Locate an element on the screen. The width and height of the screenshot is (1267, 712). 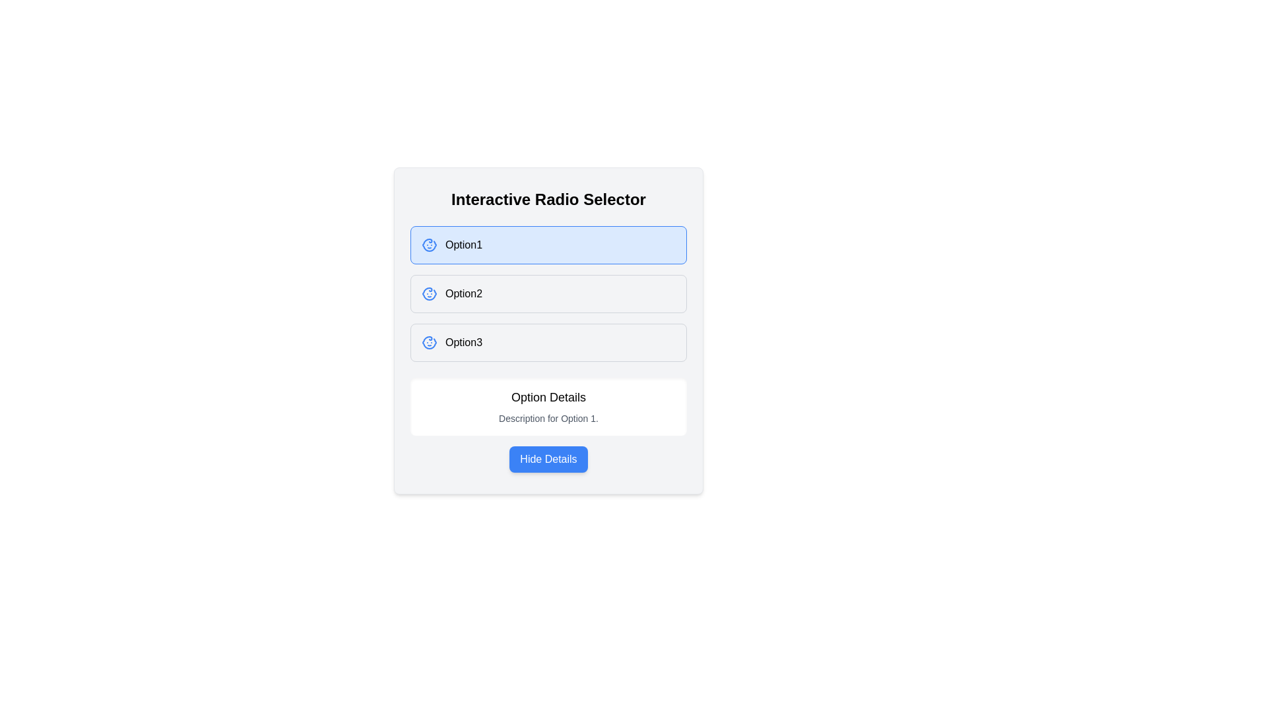
the second radio button labeled 'Option2' with a blue smiling baby face icon and select it using keyboard navigation is located at coordinates (548, 293).